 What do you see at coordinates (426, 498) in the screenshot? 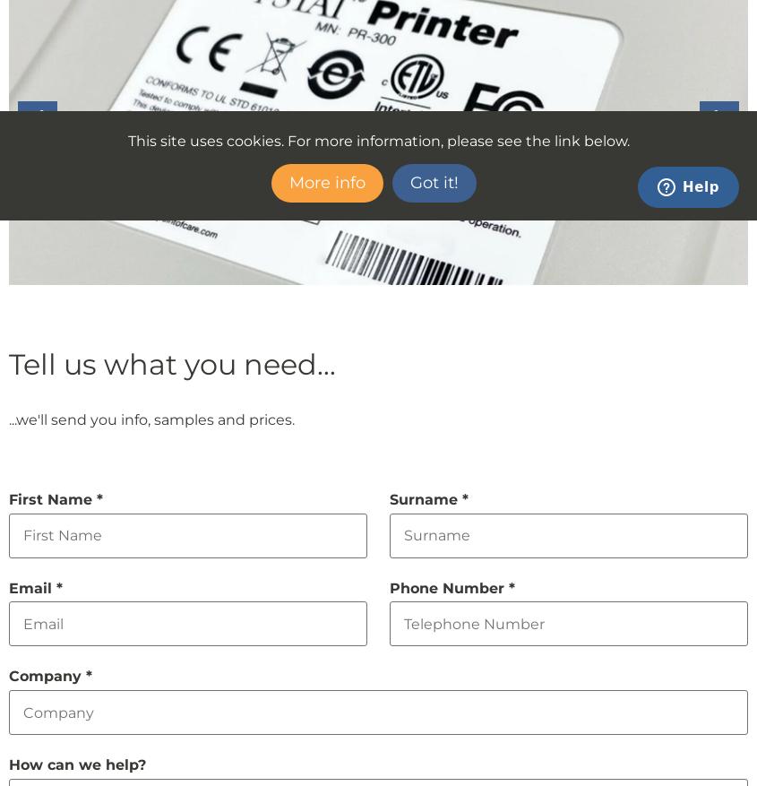
I see `'Surname'` at bounding box center [426, 498].